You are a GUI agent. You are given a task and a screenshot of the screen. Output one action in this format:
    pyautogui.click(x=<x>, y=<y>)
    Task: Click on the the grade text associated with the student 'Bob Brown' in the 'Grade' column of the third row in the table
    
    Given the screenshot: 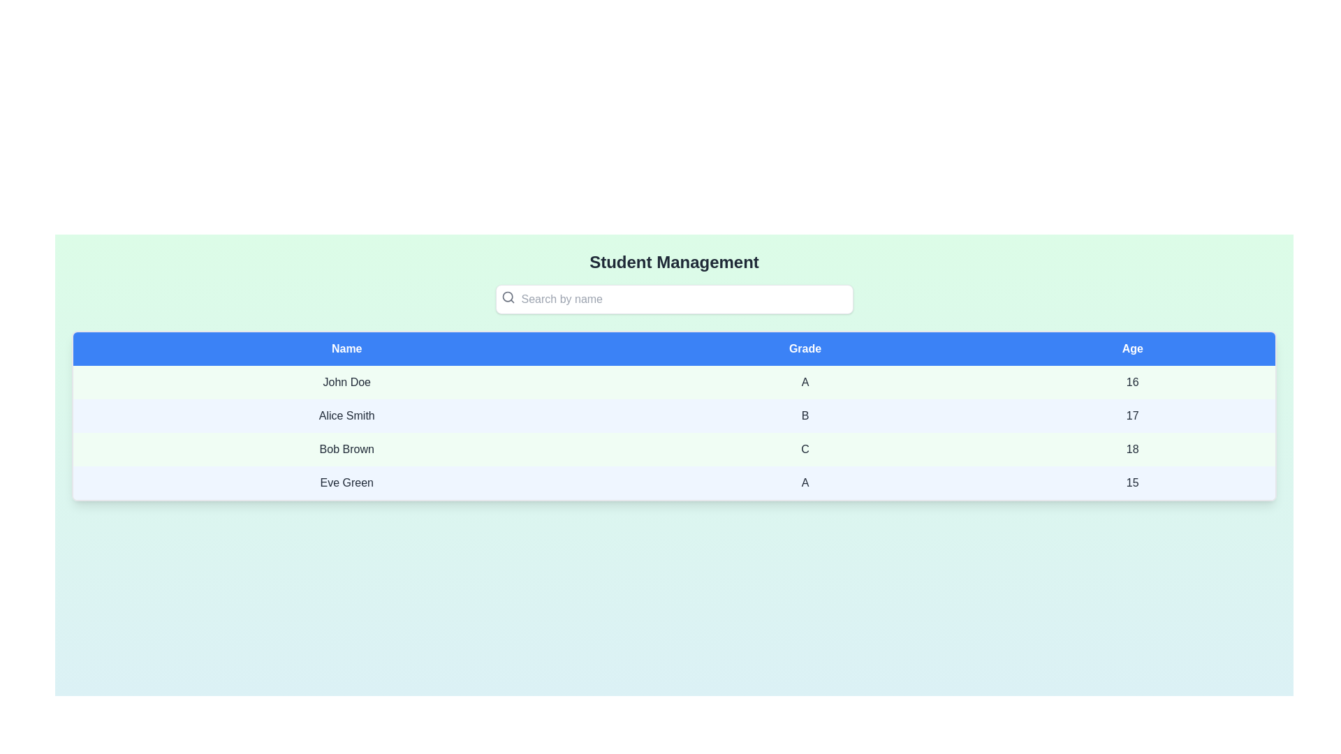 What is the action you would take?
    pyautogui.click(x=805, y=450)
    